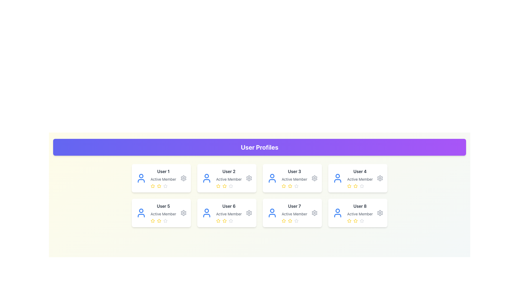  Describe the element at coordinates (296, 221) in the screenshot. I see `from the third star icon in the rating system under the 'User 7' profile` at that location.